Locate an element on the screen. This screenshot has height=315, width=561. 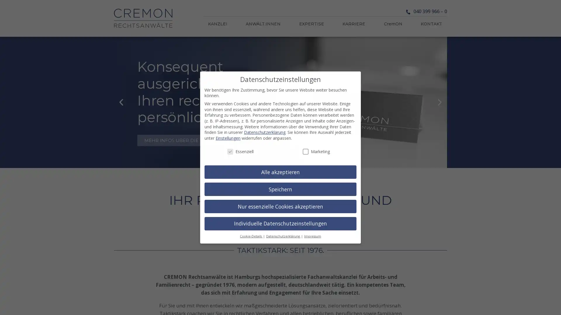
Previous slide is located at coordinates (121, 102).